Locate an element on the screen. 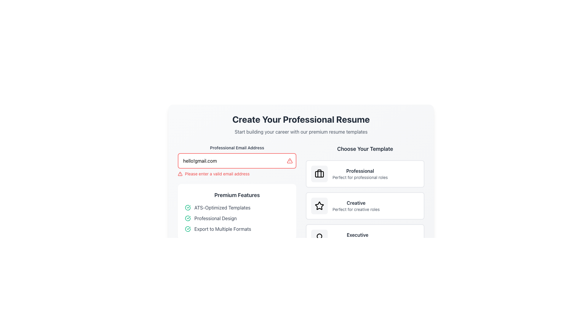 The width and height of the screenshot is (569, 320). the 'Creative' icon located to the left of the text 'Creative Perfect for creative roles' within the 'Choose Your Template' section is located at coordinates (319, 205).